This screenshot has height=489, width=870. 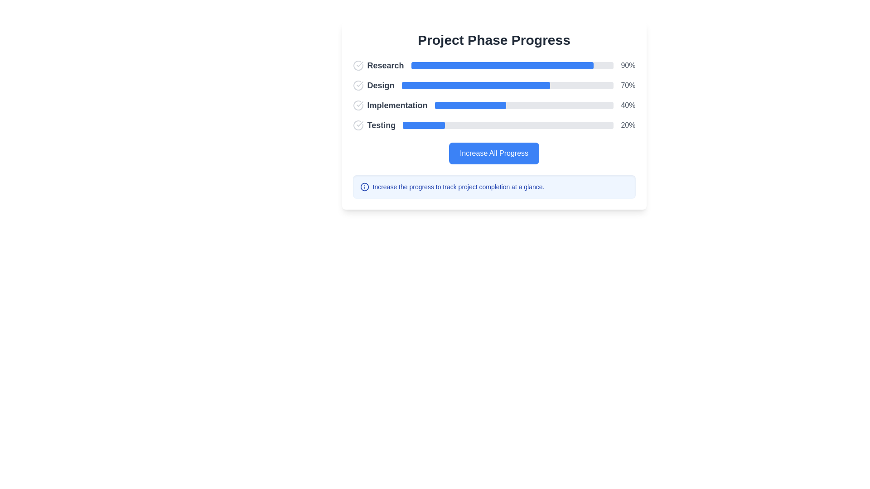 I want to click on the text label indicating the current phase 'Testing' in the project progress tracker, located in the fourth row, to the right of a circular check icon, so click(x=381, y=125).